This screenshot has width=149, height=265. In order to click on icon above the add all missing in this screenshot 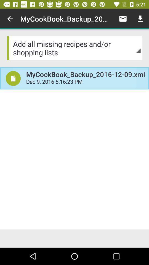, I will do `click(10, 19)`.